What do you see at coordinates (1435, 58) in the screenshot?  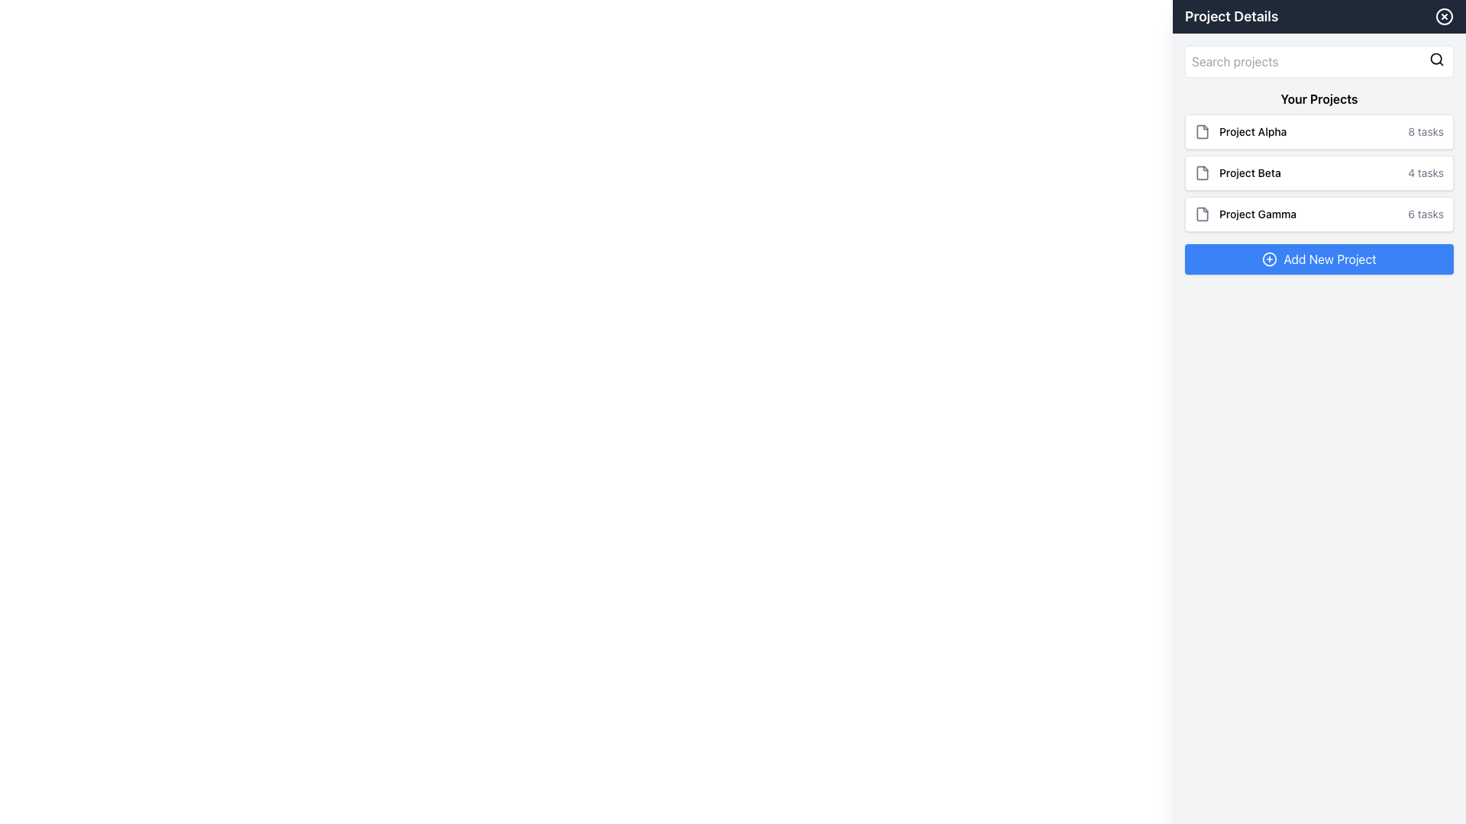 I see `the small magnifying glass icon located in the top right corner of the 'Search projects' input field within the 'Project Details' panel` at bounding box center [1435, 58].